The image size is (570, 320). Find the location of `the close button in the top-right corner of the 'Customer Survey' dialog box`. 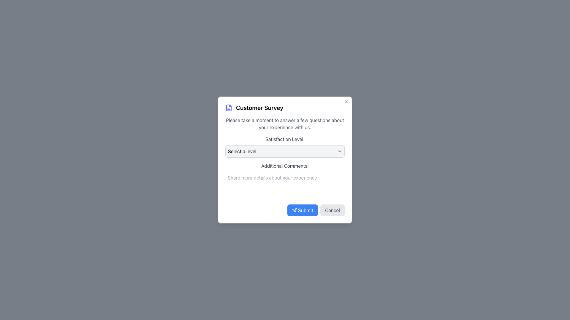

the close button in the top-right corner of the 'Customer Survey' dialog box is located at coordinates (346, 101).